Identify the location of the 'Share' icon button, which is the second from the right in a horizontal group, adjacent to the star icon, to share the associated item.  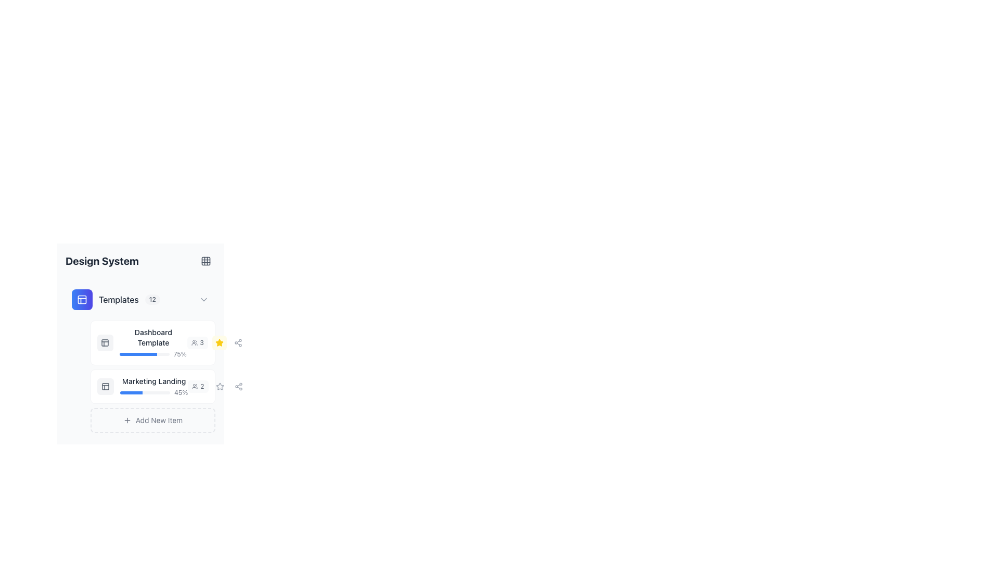
(238, 387).